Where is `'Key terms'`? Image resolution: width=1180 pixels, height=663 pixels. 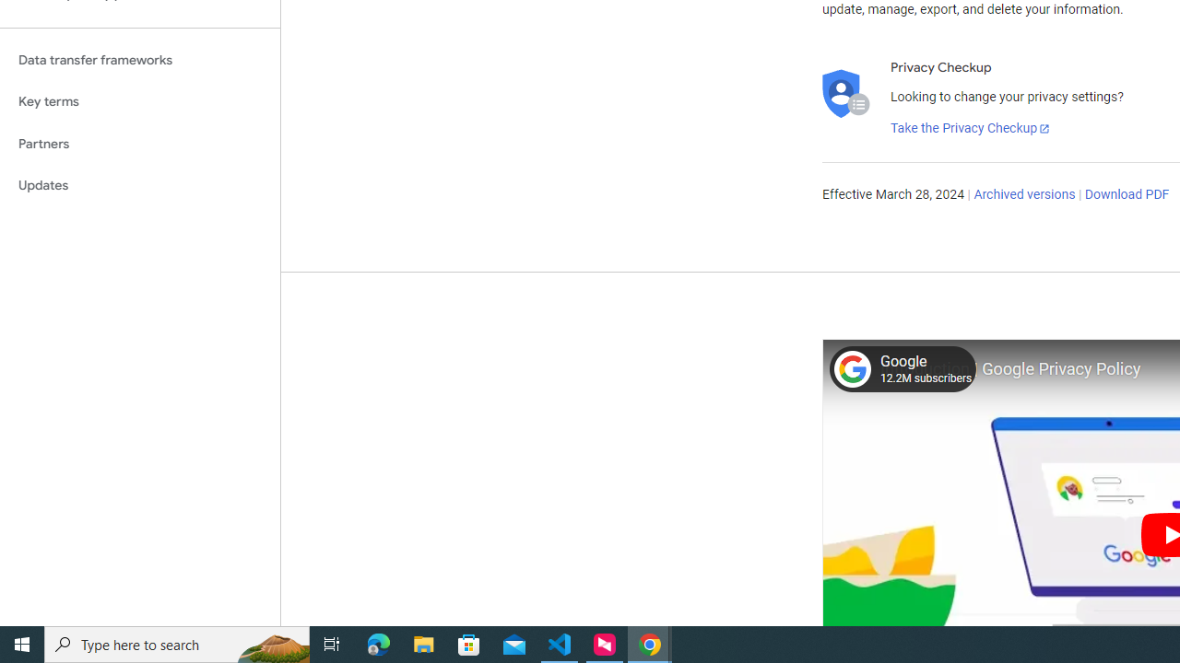 'Key terms' is located at coordinates (139, 101).